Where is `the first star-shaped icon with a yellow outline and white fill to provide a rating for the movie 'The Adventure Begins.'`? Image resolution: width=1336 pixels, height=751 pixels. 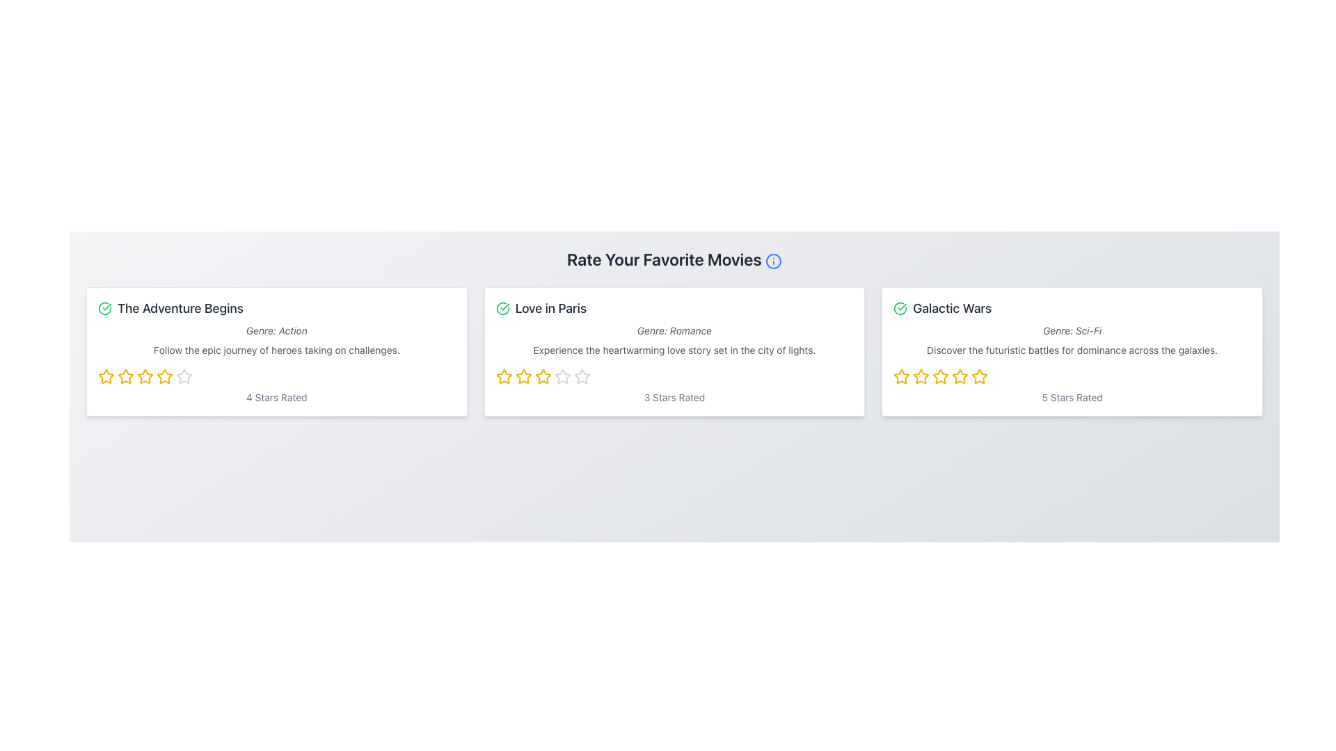
the first star-shaped icon with a yellow outline and white fill to provide a rating for the movie 'The Adventure Begins.' is located at coordinates (105, 375).